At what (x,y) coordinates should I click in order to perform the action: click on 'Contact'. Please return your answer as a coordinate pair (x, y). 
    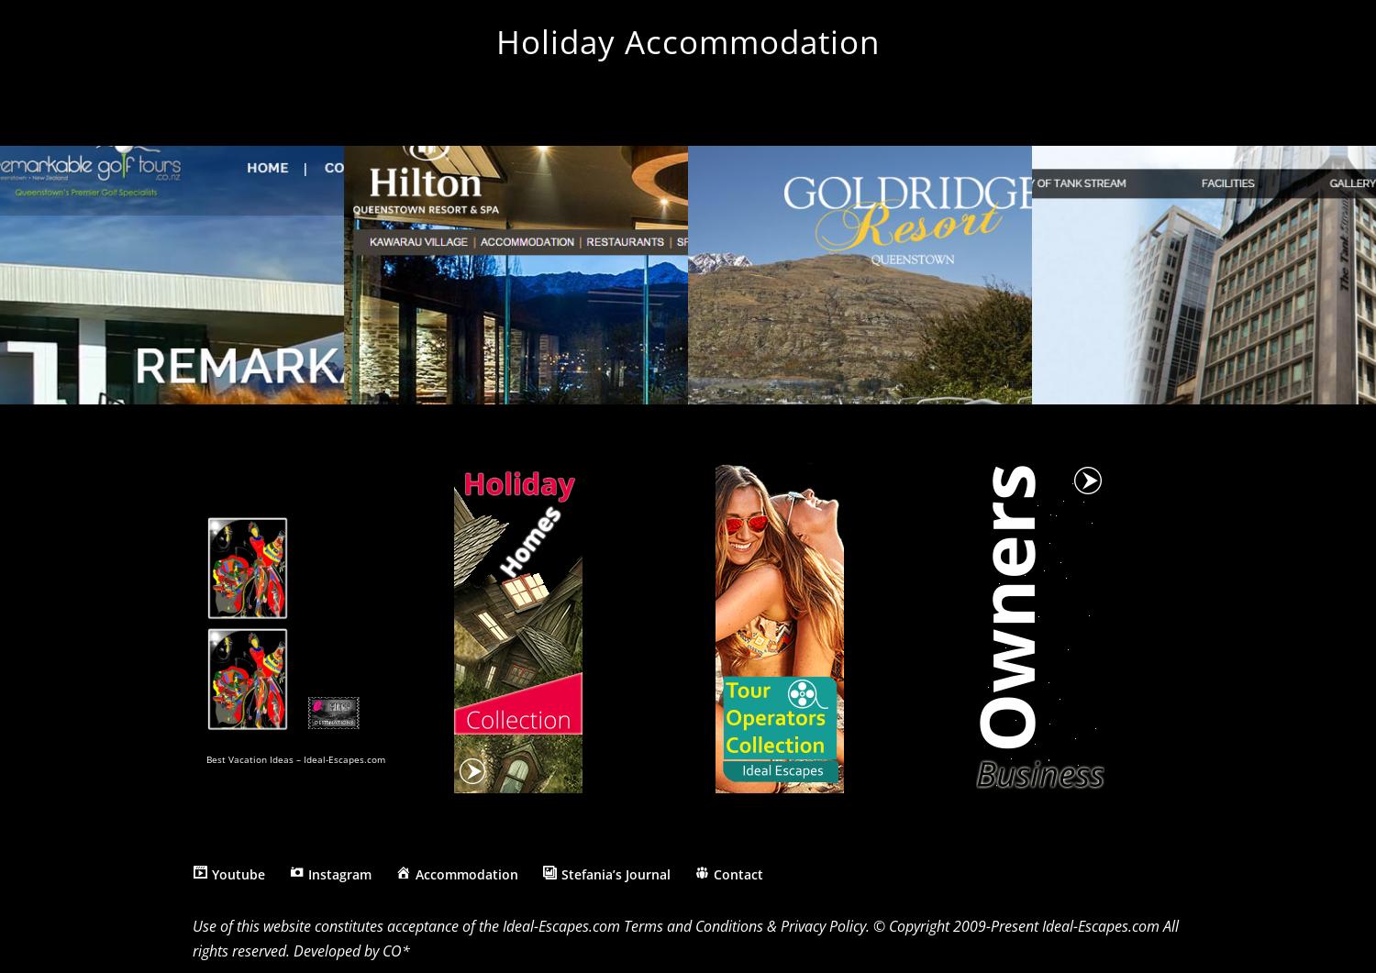
    Looking at the image, I should click on (738, 872).